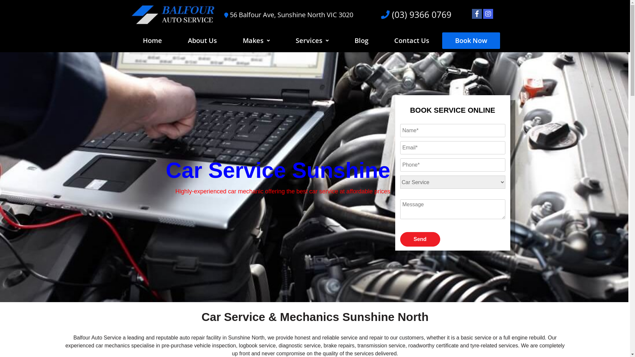 This screenshot has height=357, width=635. I want to click on 'About Us', so click(202, 41).